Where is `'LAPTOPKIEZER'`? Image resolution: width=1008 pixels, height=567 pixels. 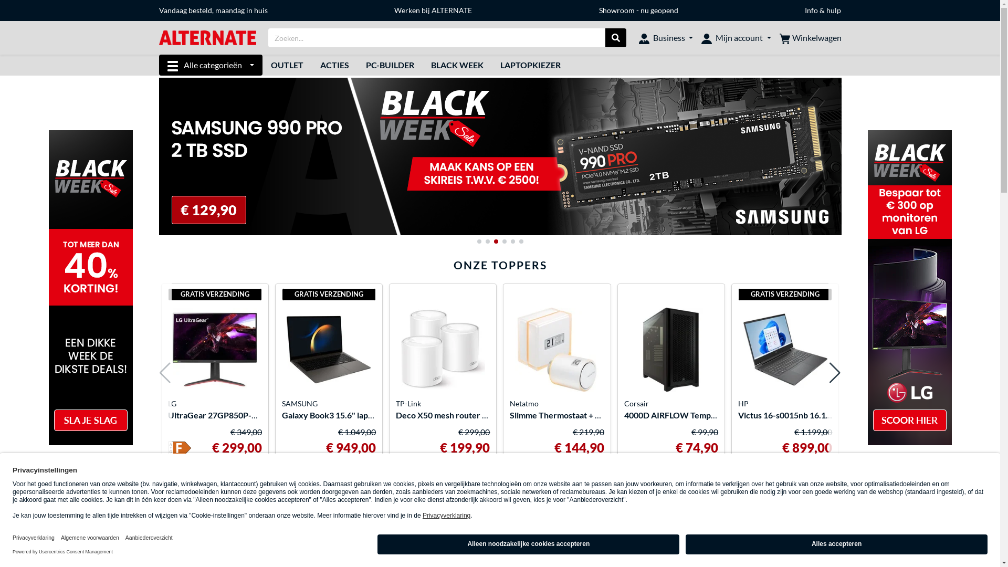
'LAPTOPKIEZER' is located at coordinates (491, 65).